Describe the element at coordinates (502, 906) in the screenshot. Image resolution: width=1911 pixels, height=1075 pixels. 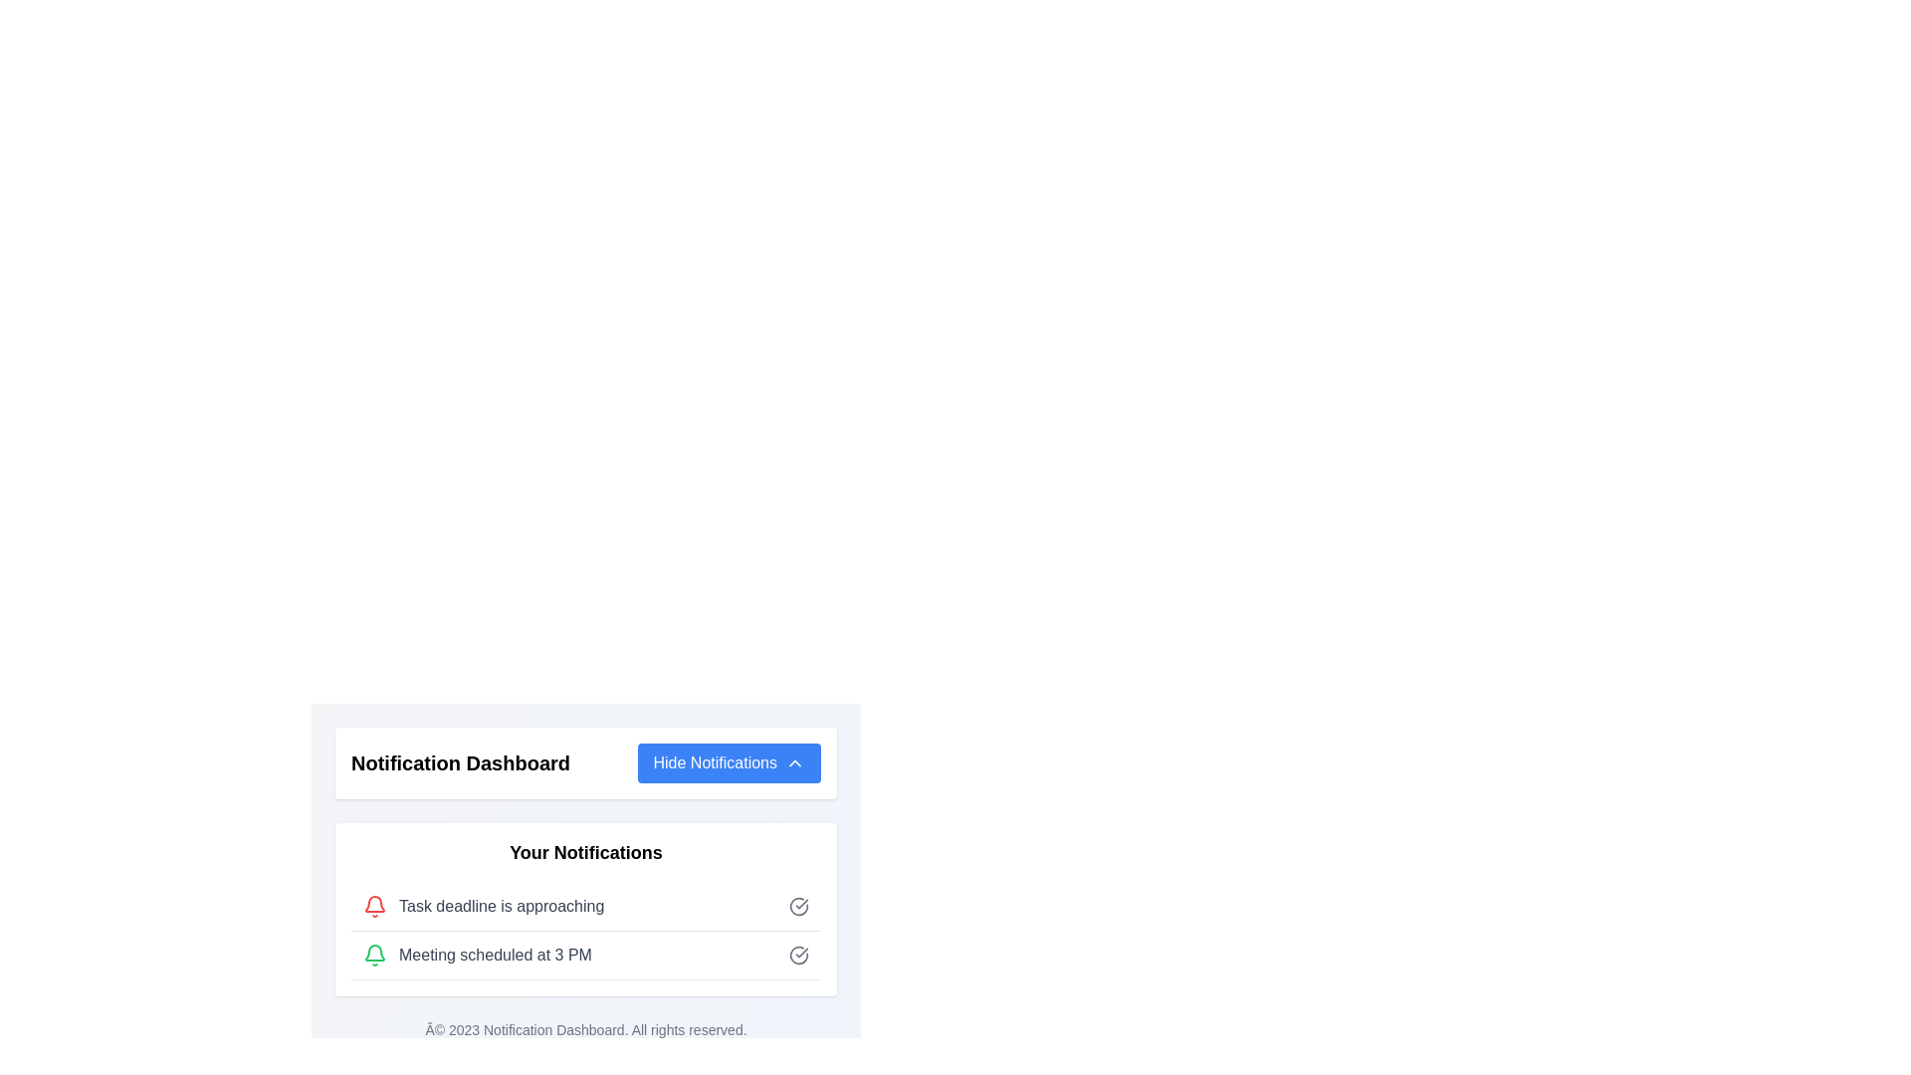
I see `notification text from the label displaying 'Task deadline is approaching', which is located to the right of a red bell icon and slightly to the left of a grayed-out checkmark button in the notifications list` at that location.